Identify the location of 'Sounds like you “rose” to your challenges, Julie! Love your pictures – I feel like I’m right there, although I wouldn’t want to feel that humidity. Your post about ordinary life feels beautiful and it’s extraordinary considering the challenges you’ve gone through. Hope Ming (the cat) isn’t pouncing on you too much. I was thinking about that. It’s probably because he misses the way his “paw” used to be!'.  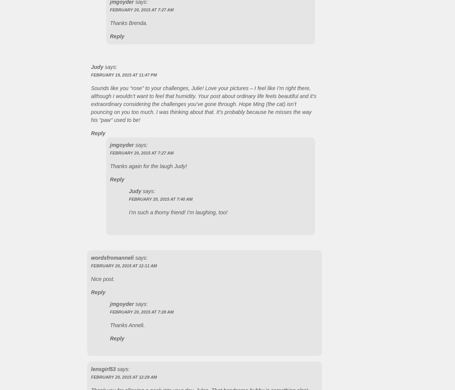
(91, 103).